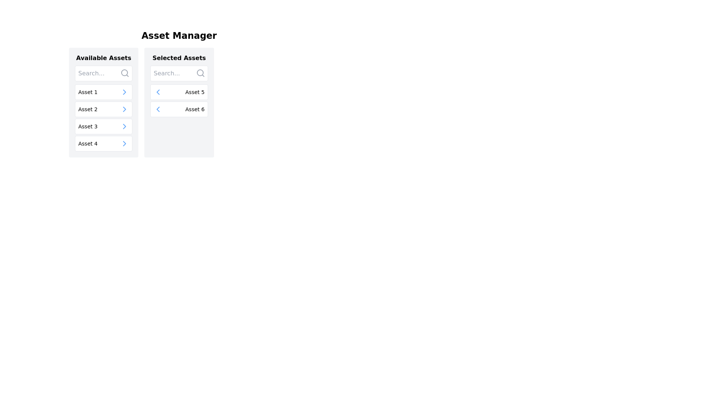  I want to click on the static text label that serves as the title or heading for the panel, located above the search bar and the list of items labeled 'Asset 1' to 'Asset 4', so click(103, 57).